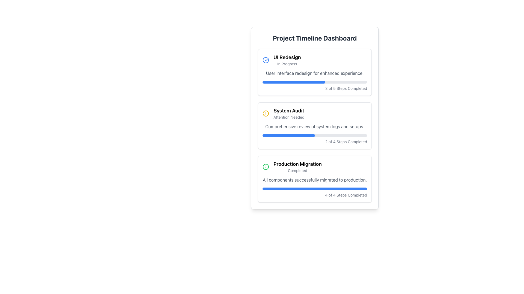 The height and width of the screenshot is (294, 524). I want to click on the title text of the first task card in the 'Project Timeline Dashboard' interface, which is located at the top-left and above the status 'In Progress', so click(287, 57).